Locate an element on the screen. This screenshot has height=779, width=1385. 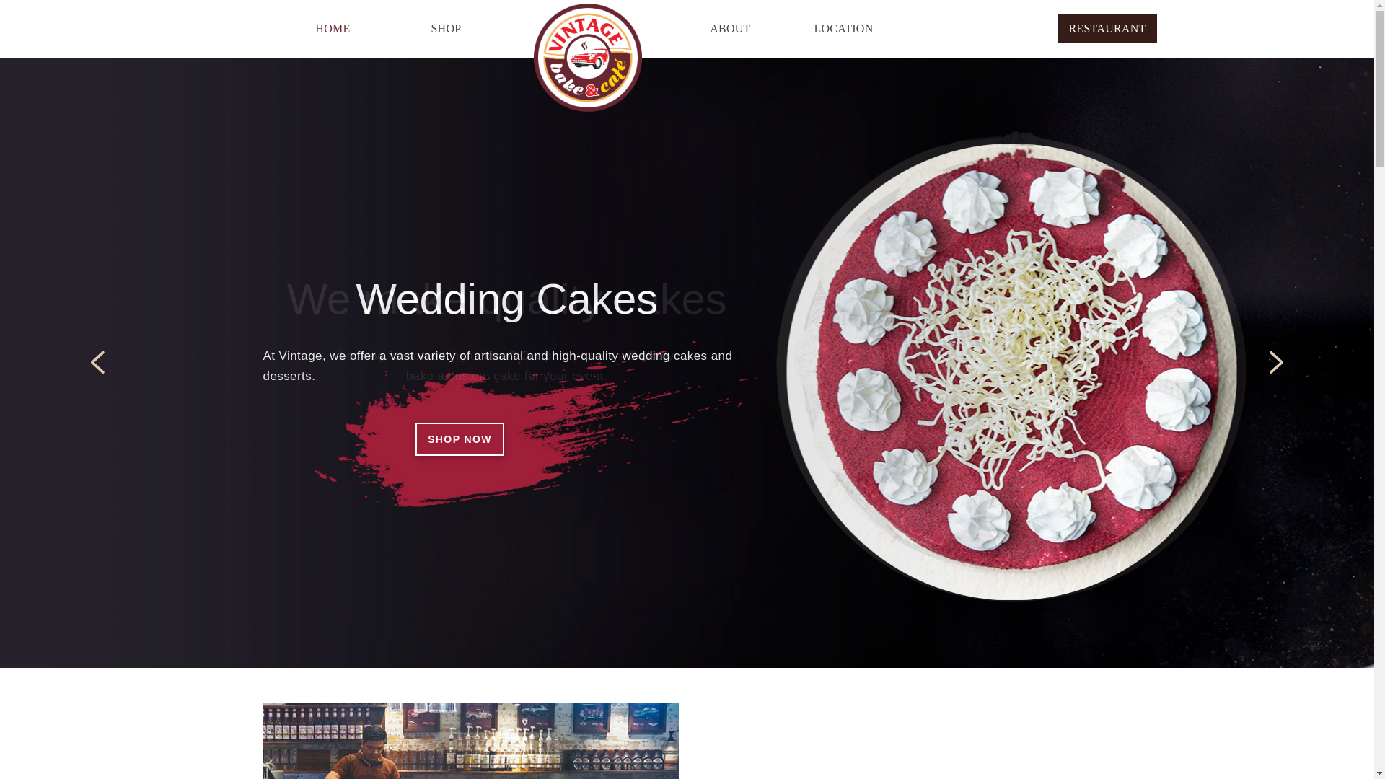
'ABOUT' is located at coordinates (730, 28).